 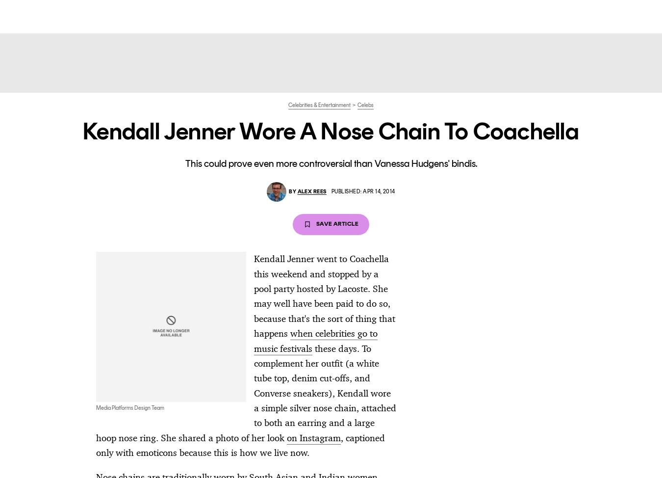 I want to click on 'Style', so click(x=251, y=16).